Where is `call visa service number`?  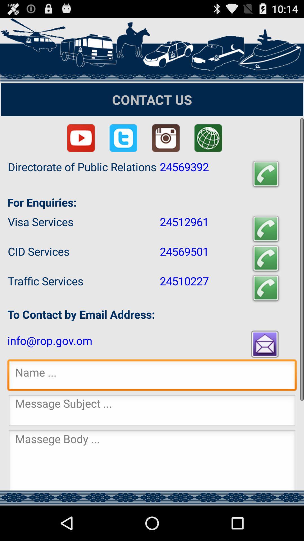
call visa service number is located at coordinates (266, 229).